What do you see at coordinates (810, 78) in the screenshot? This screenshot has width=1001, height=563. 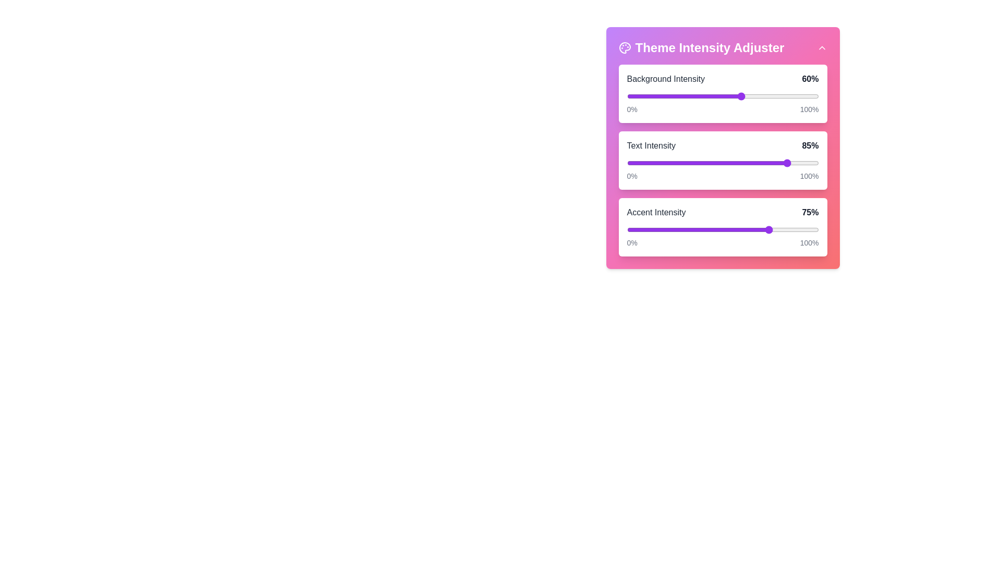 I see `the text label displaying '60%' which is styled in bold dark gray, located to the right of the 'Background Intensity' label and above the intensity slider in the 'Theme Intensity Adjuster' panel` at bounding box center [810, 78].